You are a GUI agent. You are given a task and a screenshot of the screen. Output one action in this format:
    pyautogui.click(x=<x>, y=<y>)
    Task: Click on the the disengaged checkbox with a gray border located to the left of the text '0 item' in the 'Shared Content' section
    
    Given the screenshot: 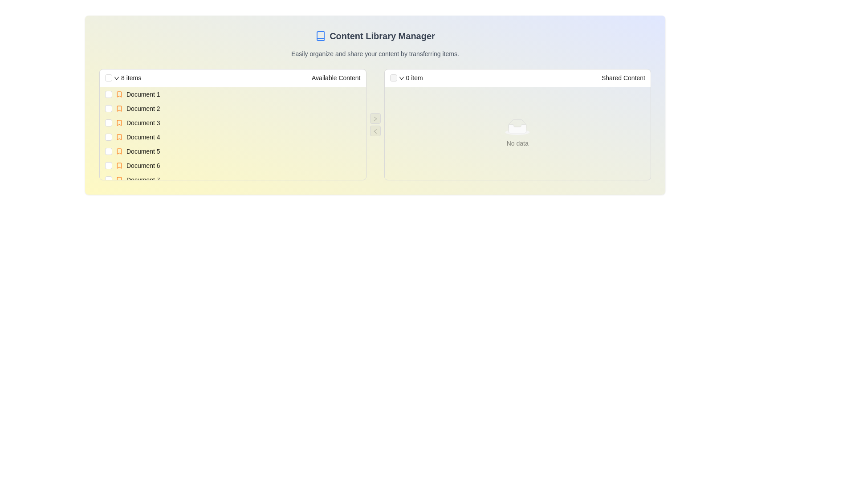 What is the action you would take?
    pyautogui.click(x=393, y=77)
    